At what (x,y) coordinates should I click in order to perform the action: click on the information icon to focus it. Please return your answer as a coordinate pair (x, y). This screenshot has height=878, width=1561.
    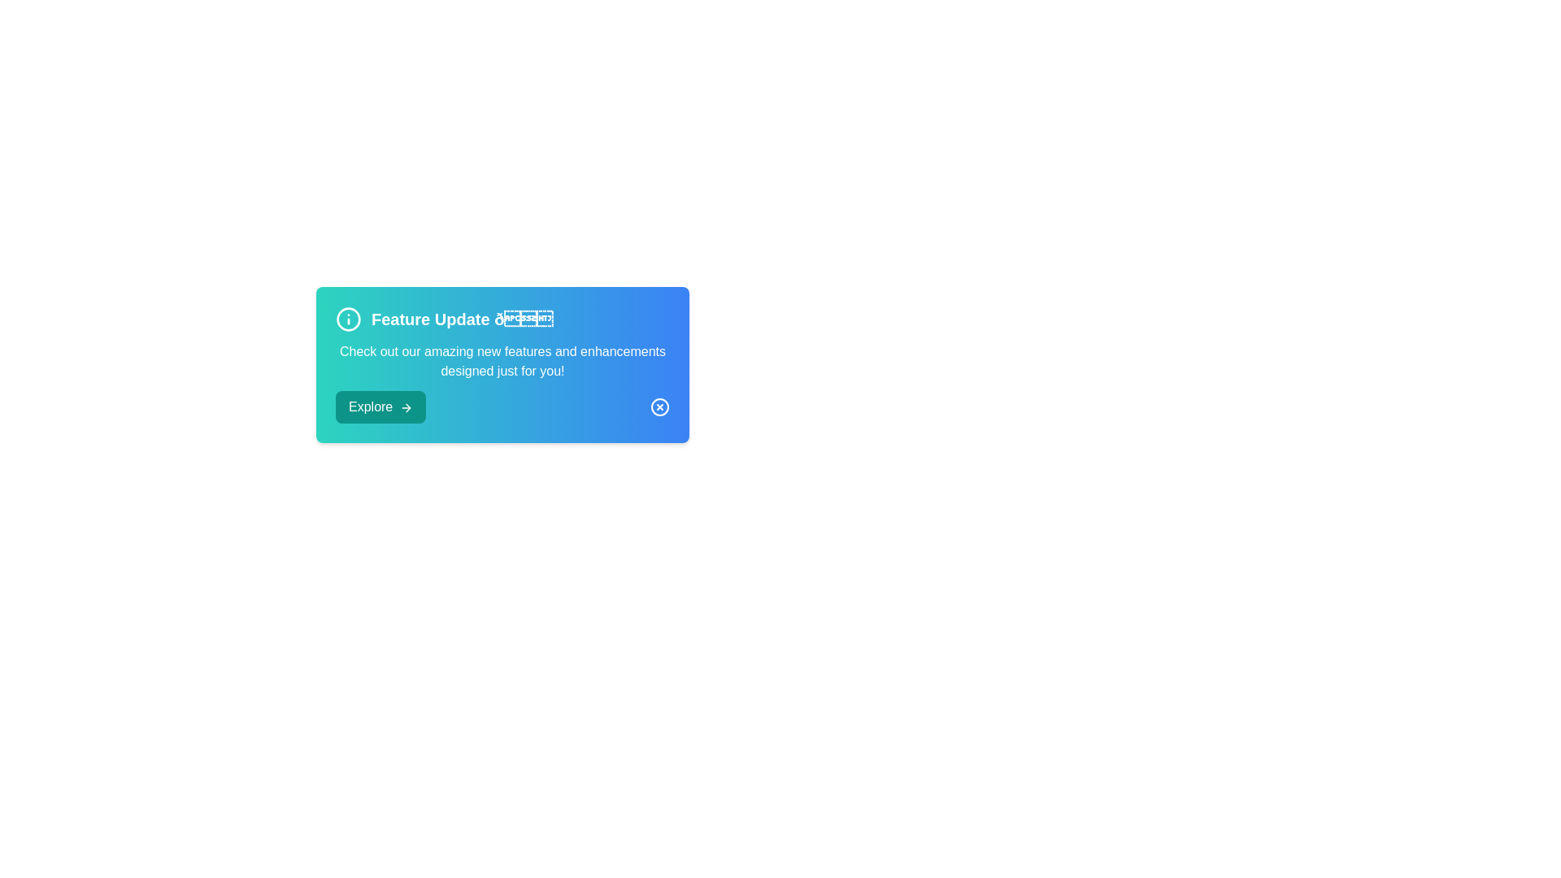
    Looking at the image, I should click on (347, 319).